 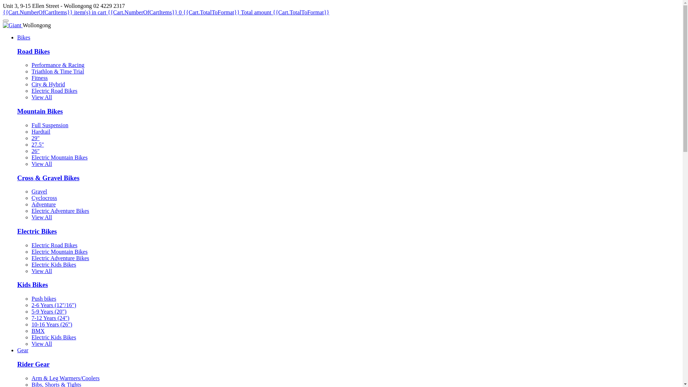 I want to click on 'Electric Bikes', so click(x=37, y=231).